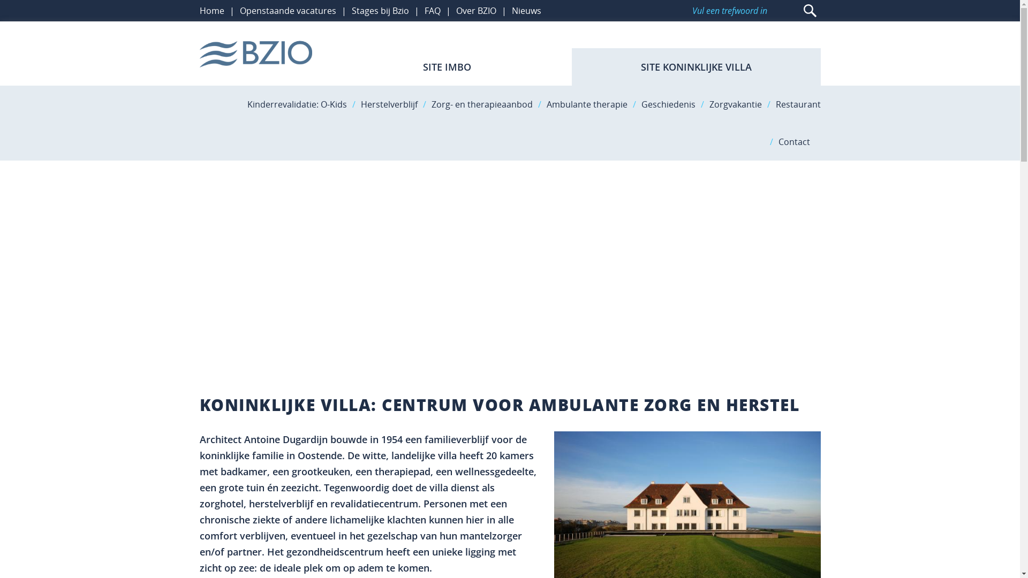  Describe the element at coordinates (388, 104) in the screenshot. I see `'Herstelverblijf'` at that location.